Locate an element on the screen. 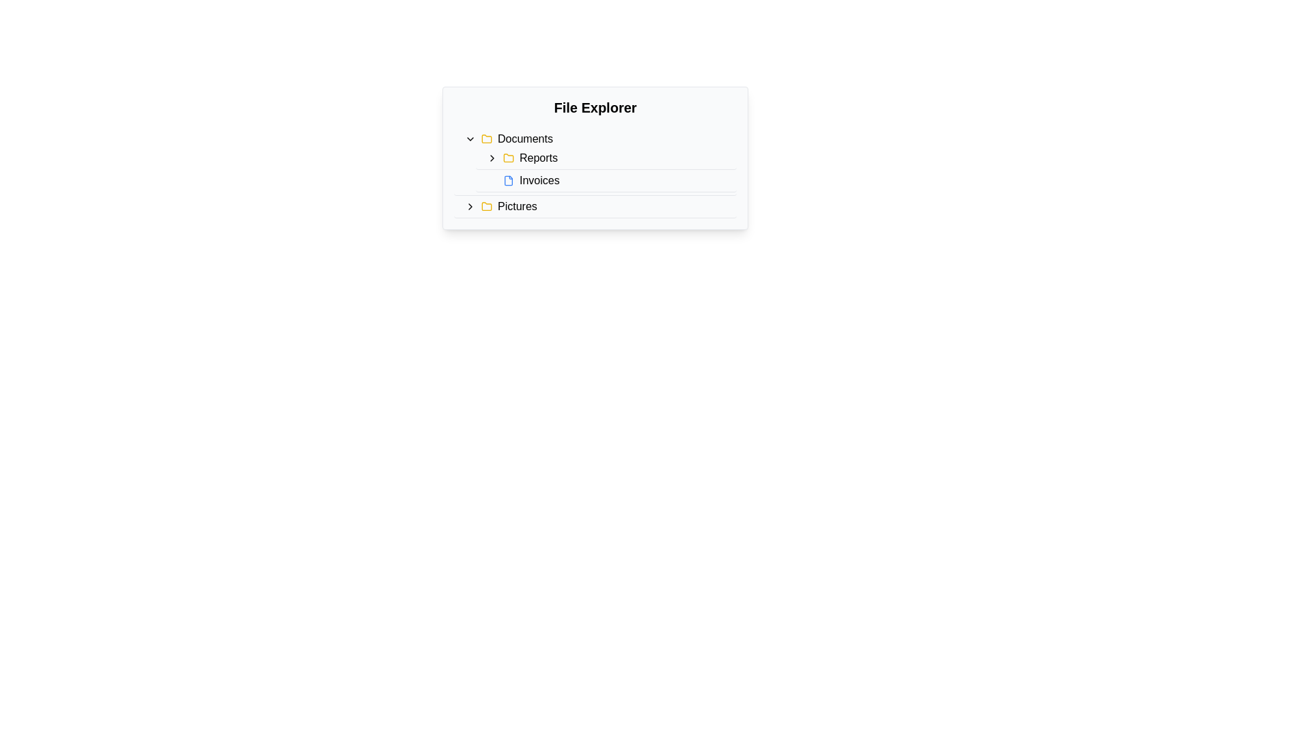  the chevron icon next to the 'Reports' label is located at coordinates (492, 157).